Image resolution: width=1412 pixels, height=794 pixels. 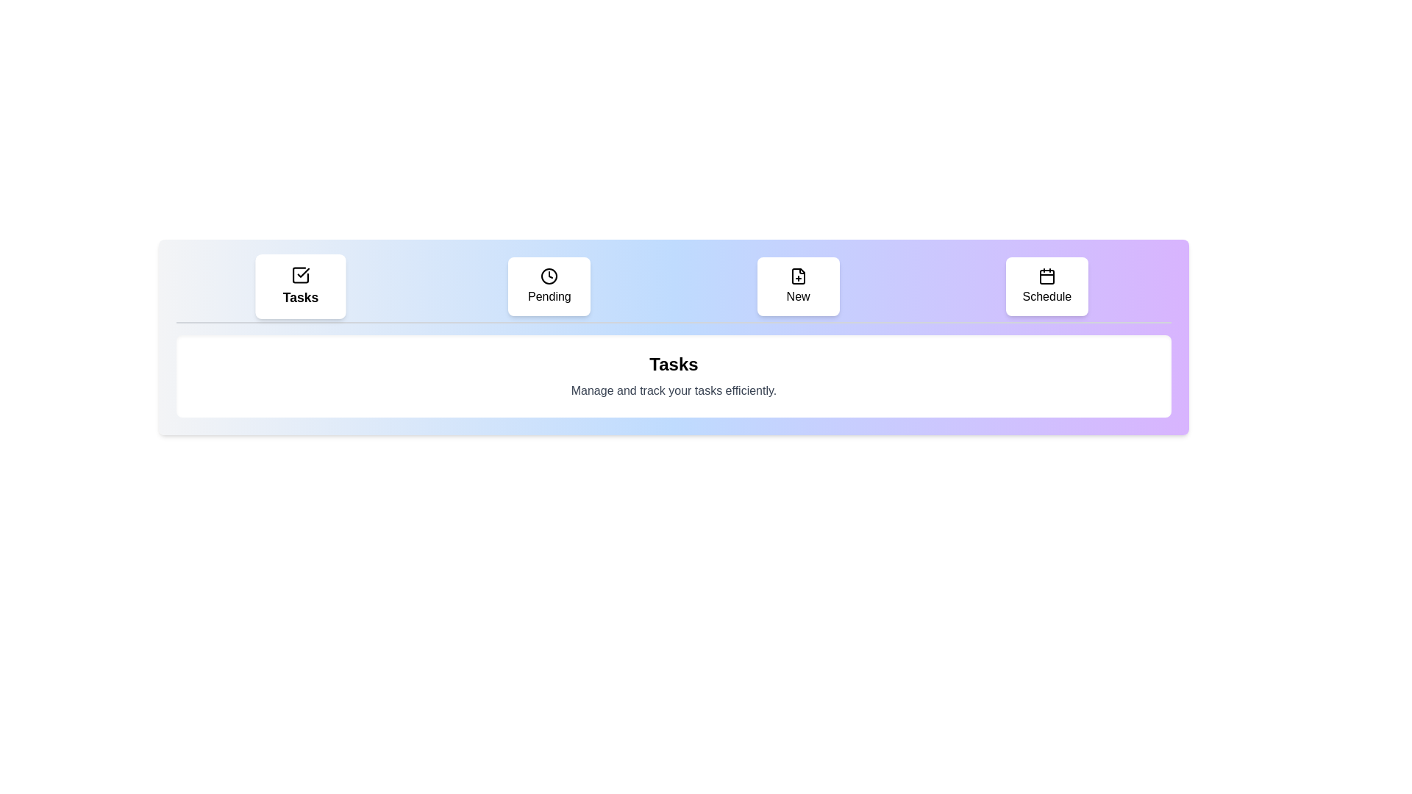 What do you see at coordinates (549, 286) in the screenshot?
I see `the tab labeled 'Pending' to view its content` at bounding box center [549, 286].